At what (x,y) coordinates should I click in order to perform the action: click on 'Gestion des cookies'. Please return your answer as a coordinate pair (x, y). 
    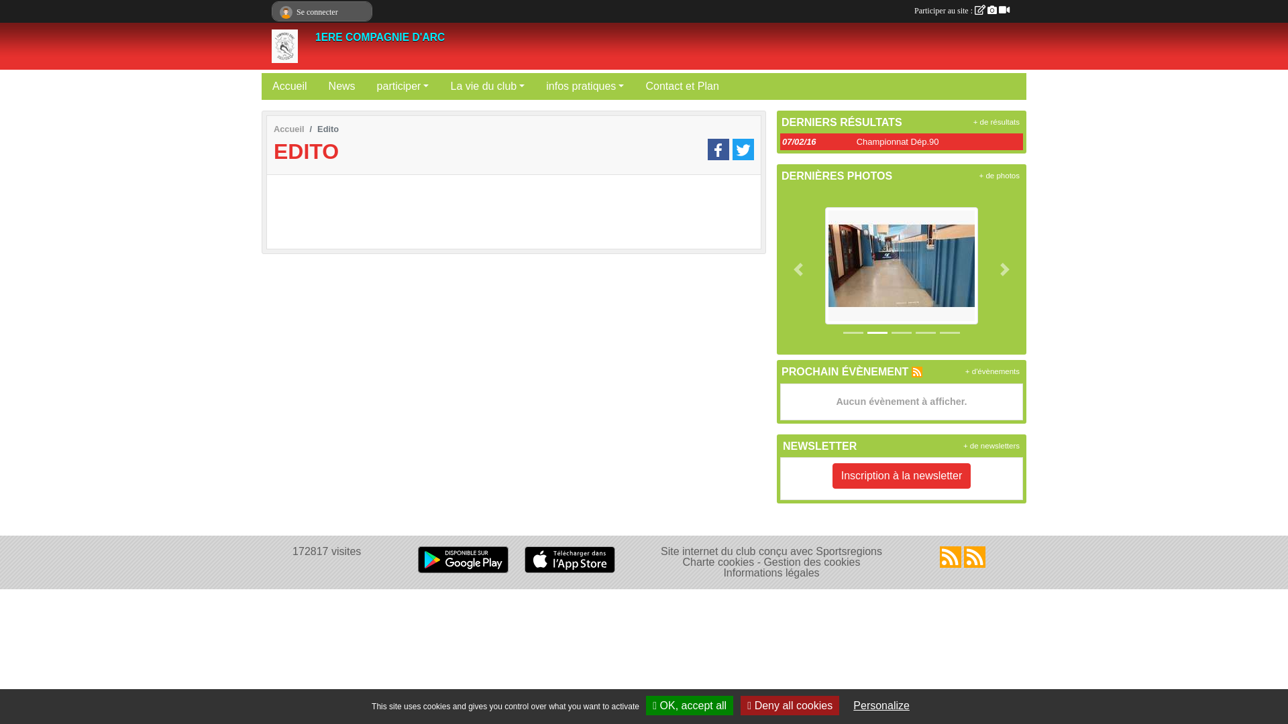
    Looking at the image, I should click on (810, 562).